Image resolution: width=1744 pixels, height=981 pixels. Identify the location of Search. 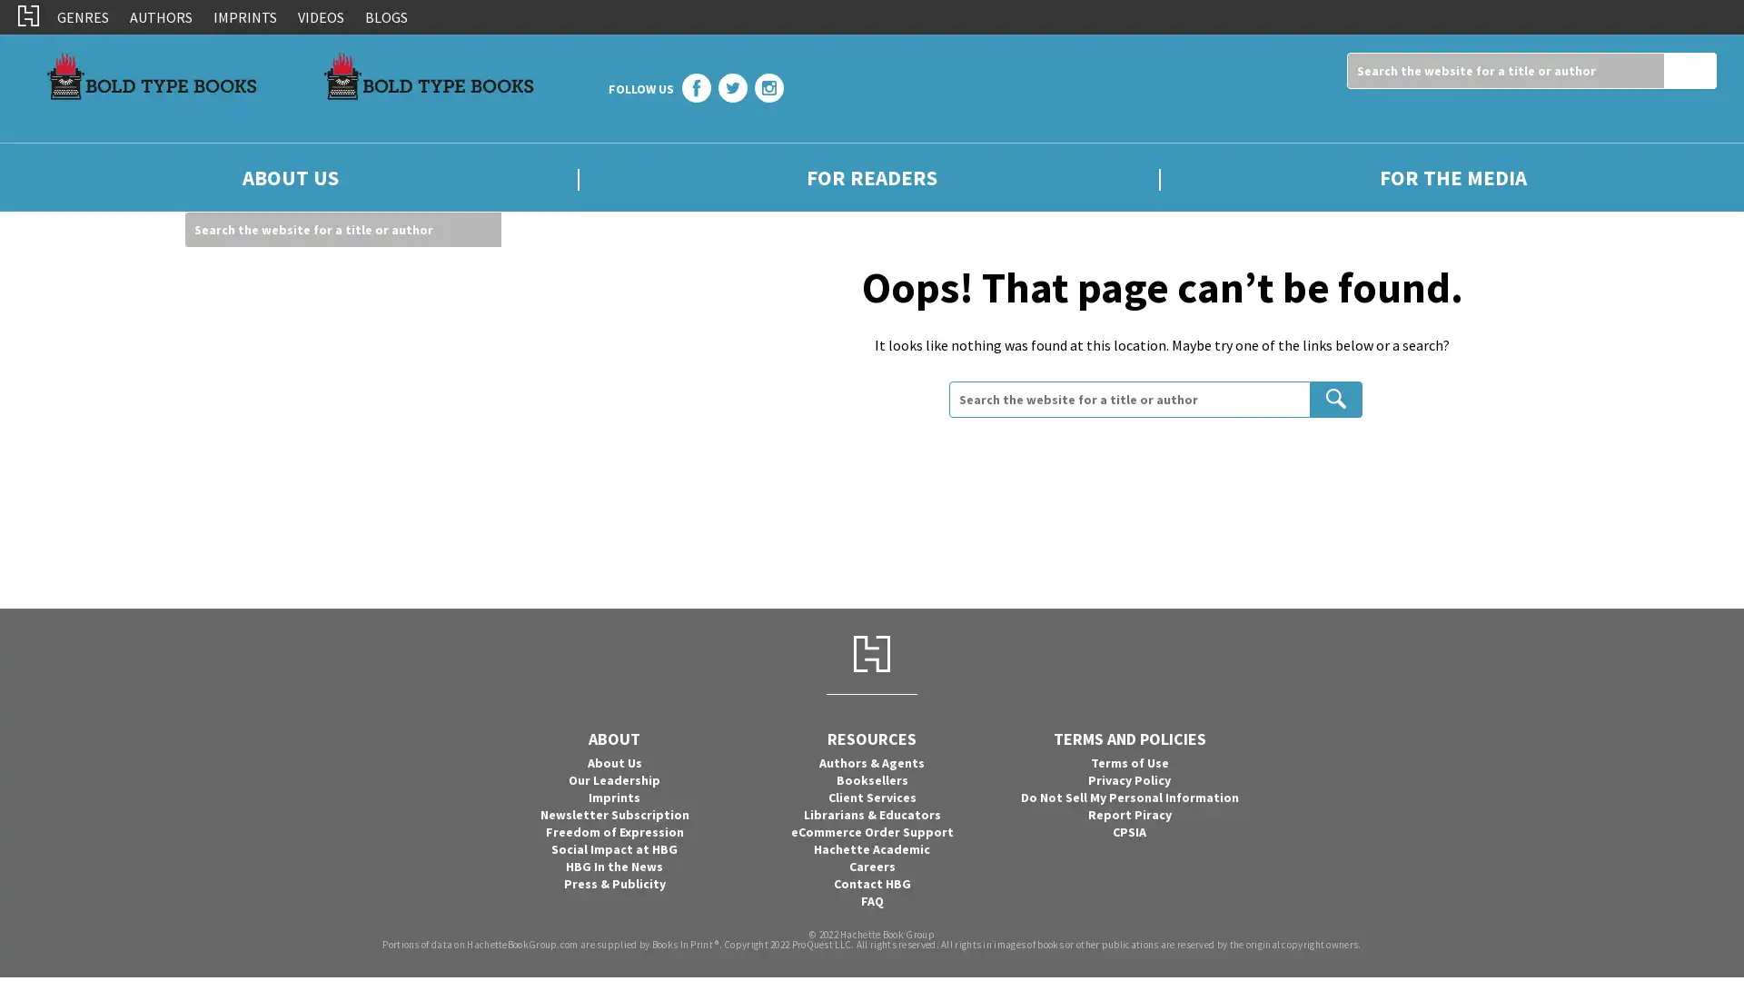
(526, 229).